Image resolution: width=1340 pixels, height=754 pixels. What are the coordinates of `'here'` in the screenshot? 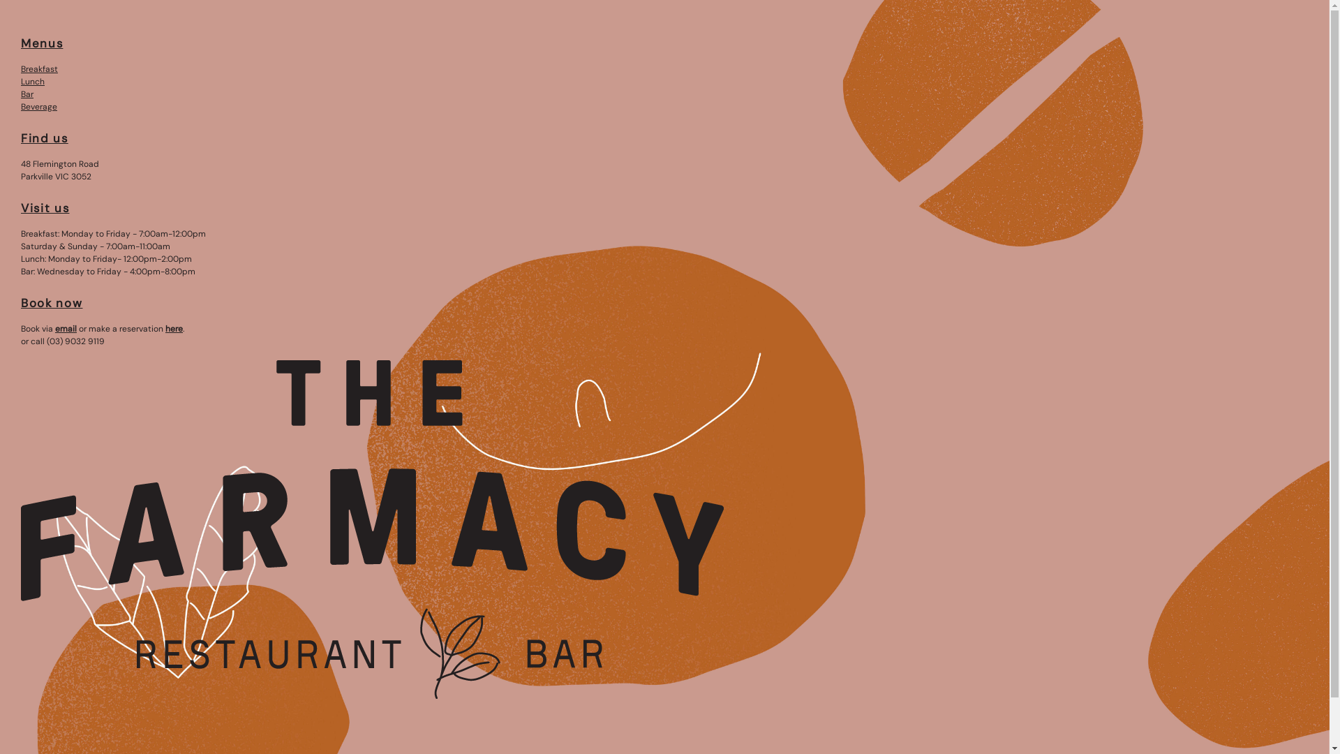 It's located at (173, 328).